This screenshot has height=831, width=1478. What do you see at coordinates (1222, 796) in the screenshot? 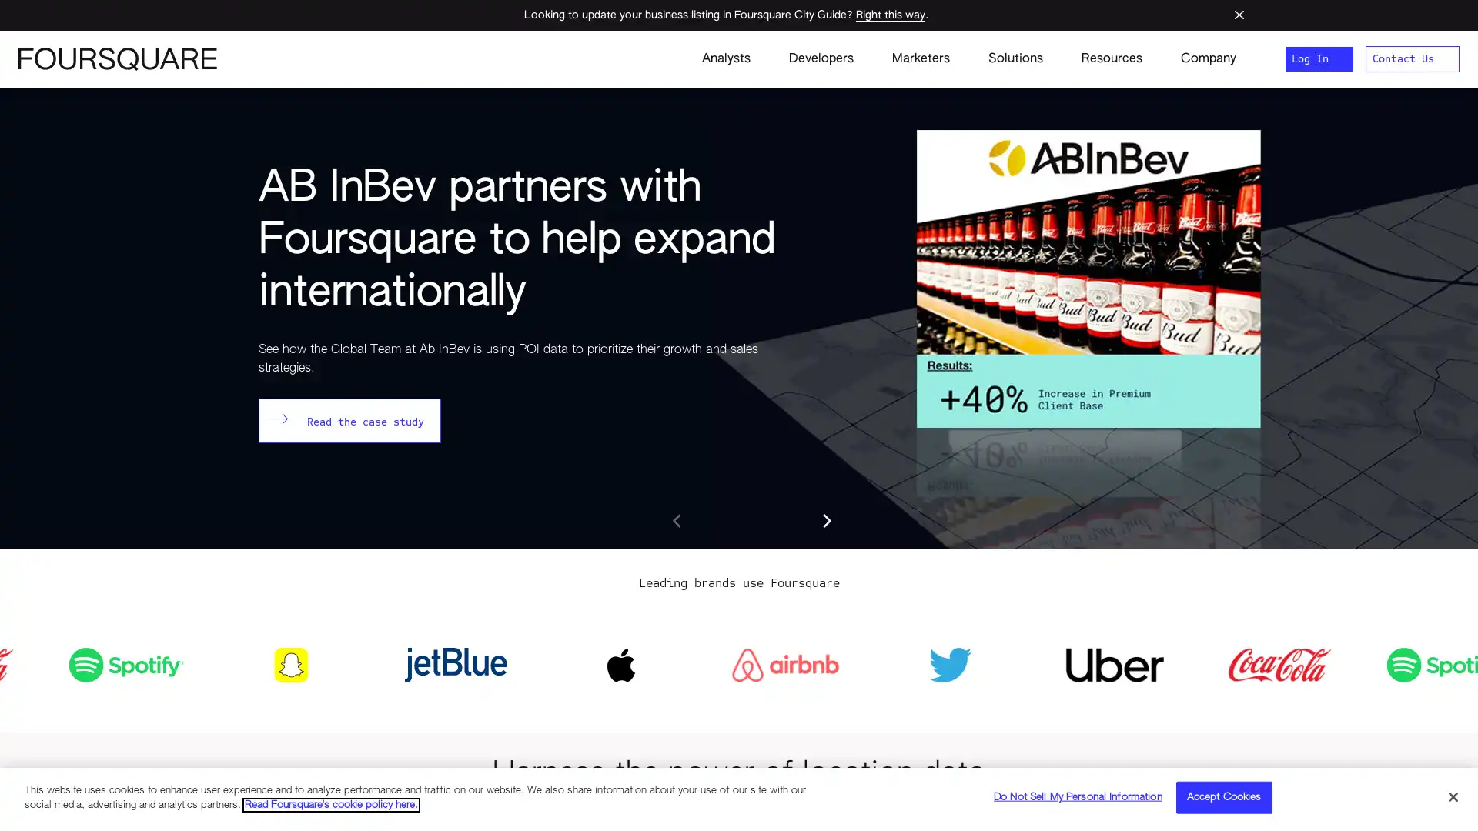
I see `Accept Cookies` at bounding box center [1222, 796].